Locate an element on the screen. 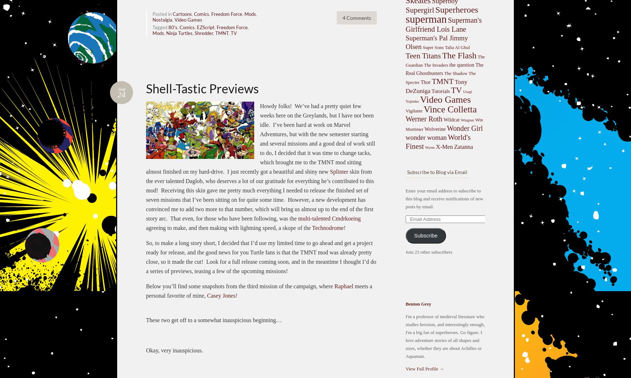  'Supergirl' is located at coordinates (419, 10).